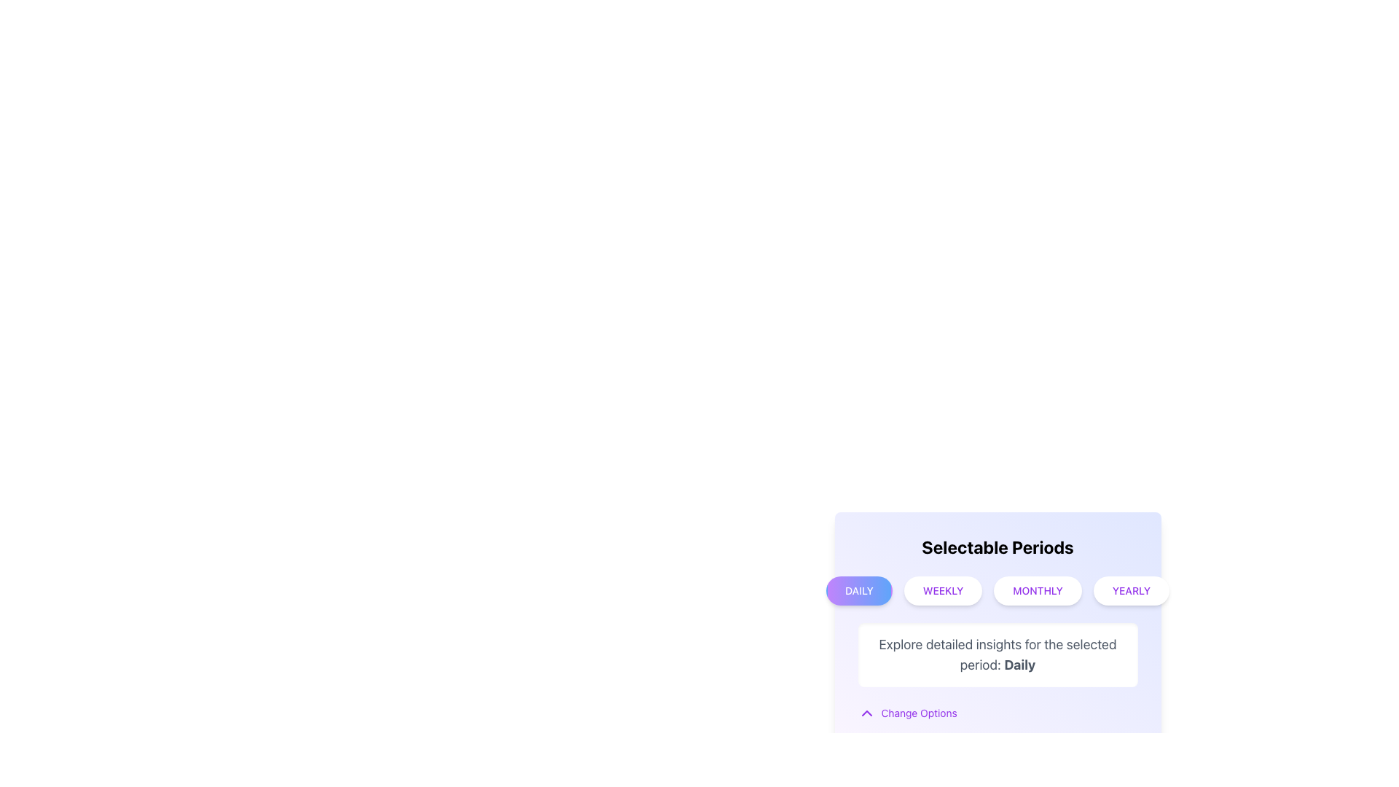  I want to click on the informational text box that contains the message 'Explore detailed insights for the selected period: Daily', which is located below the period selection buttons and above the 'Change Options' link, so click(997, 654).